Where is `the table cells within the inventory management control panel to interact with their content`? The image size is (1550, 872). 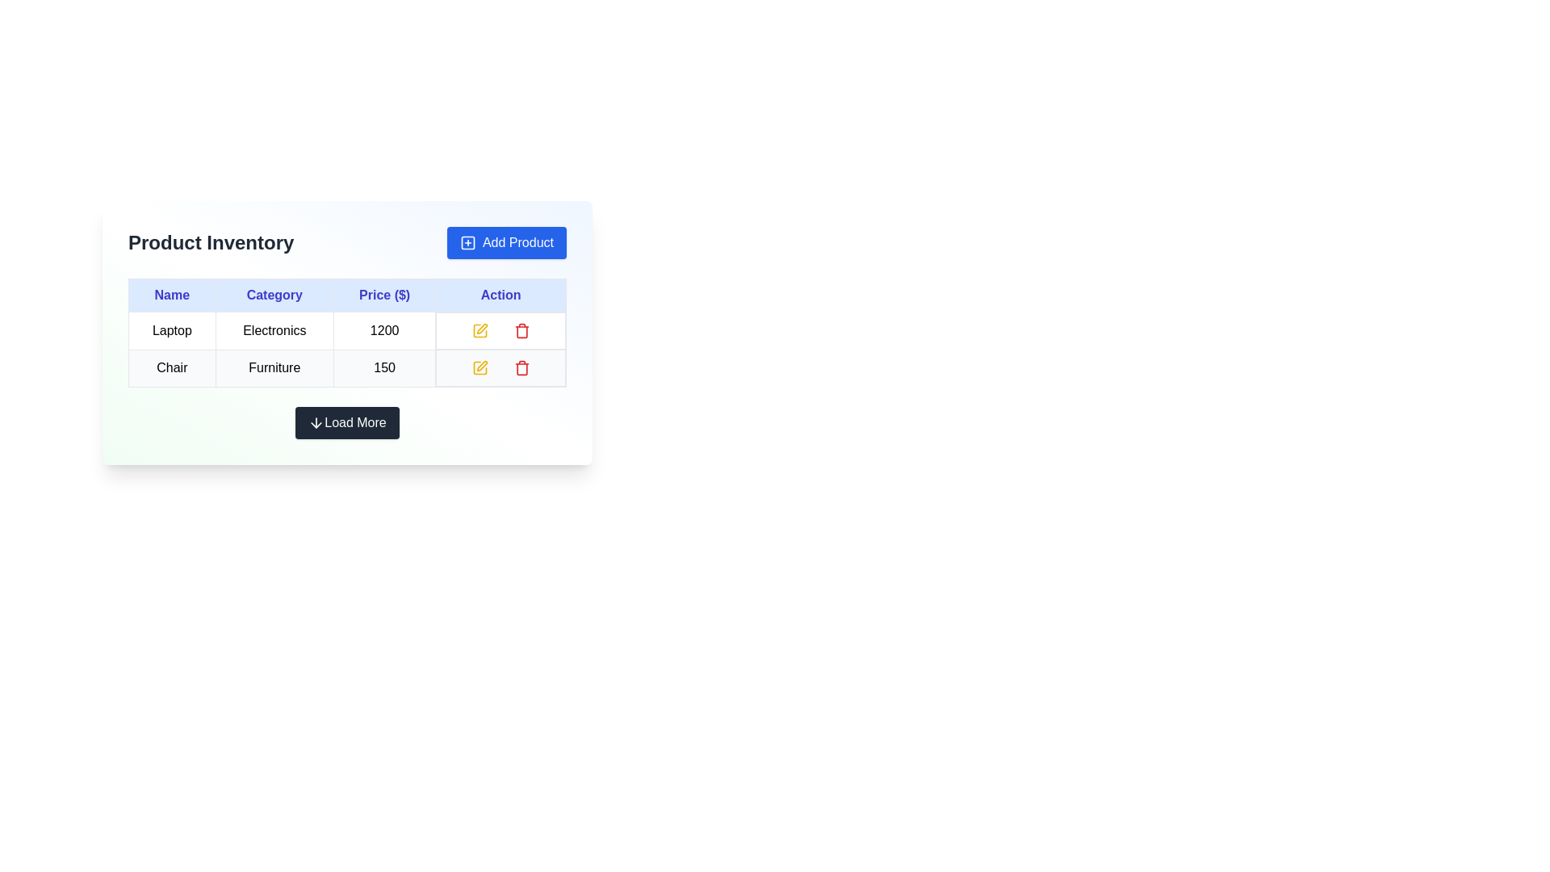 the table cells within the inventory management control panel to interact with their content is located at coordinates (346, 332).